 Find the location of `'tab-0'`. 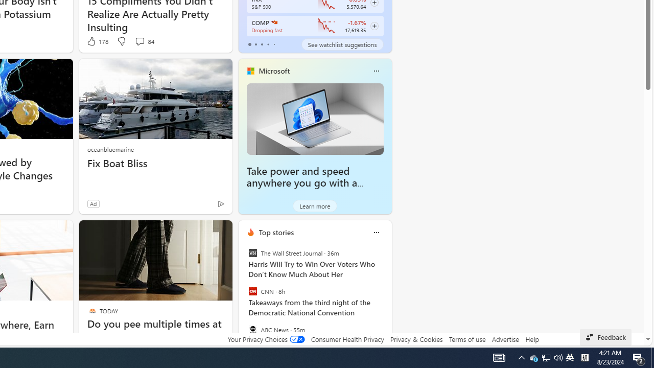

'tab-0' is located at coordinates (249, 44).